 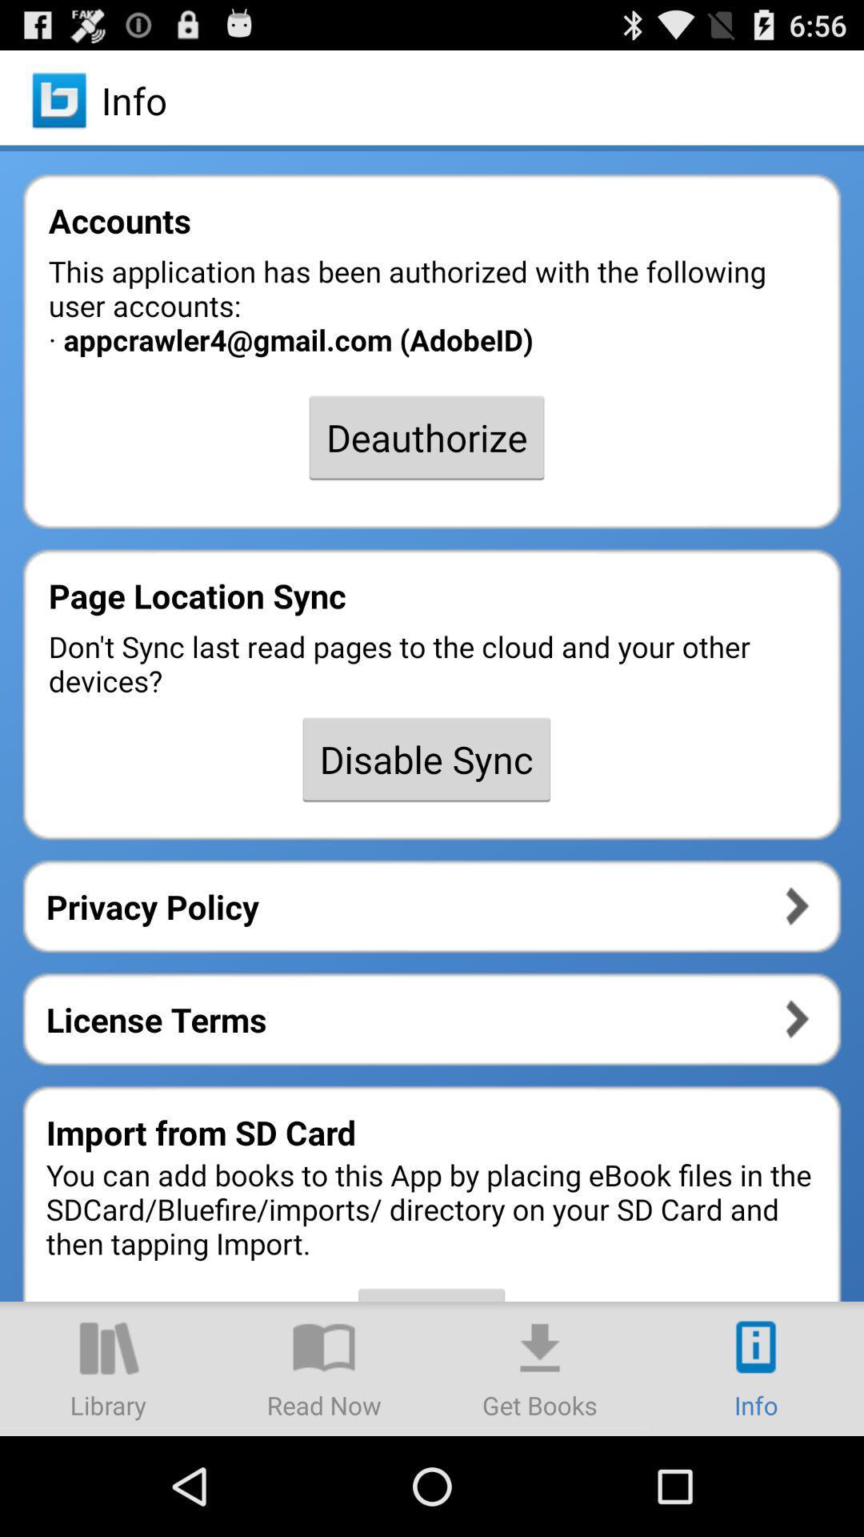 I want to click on open read now screen, so click(x=324, y=1367).